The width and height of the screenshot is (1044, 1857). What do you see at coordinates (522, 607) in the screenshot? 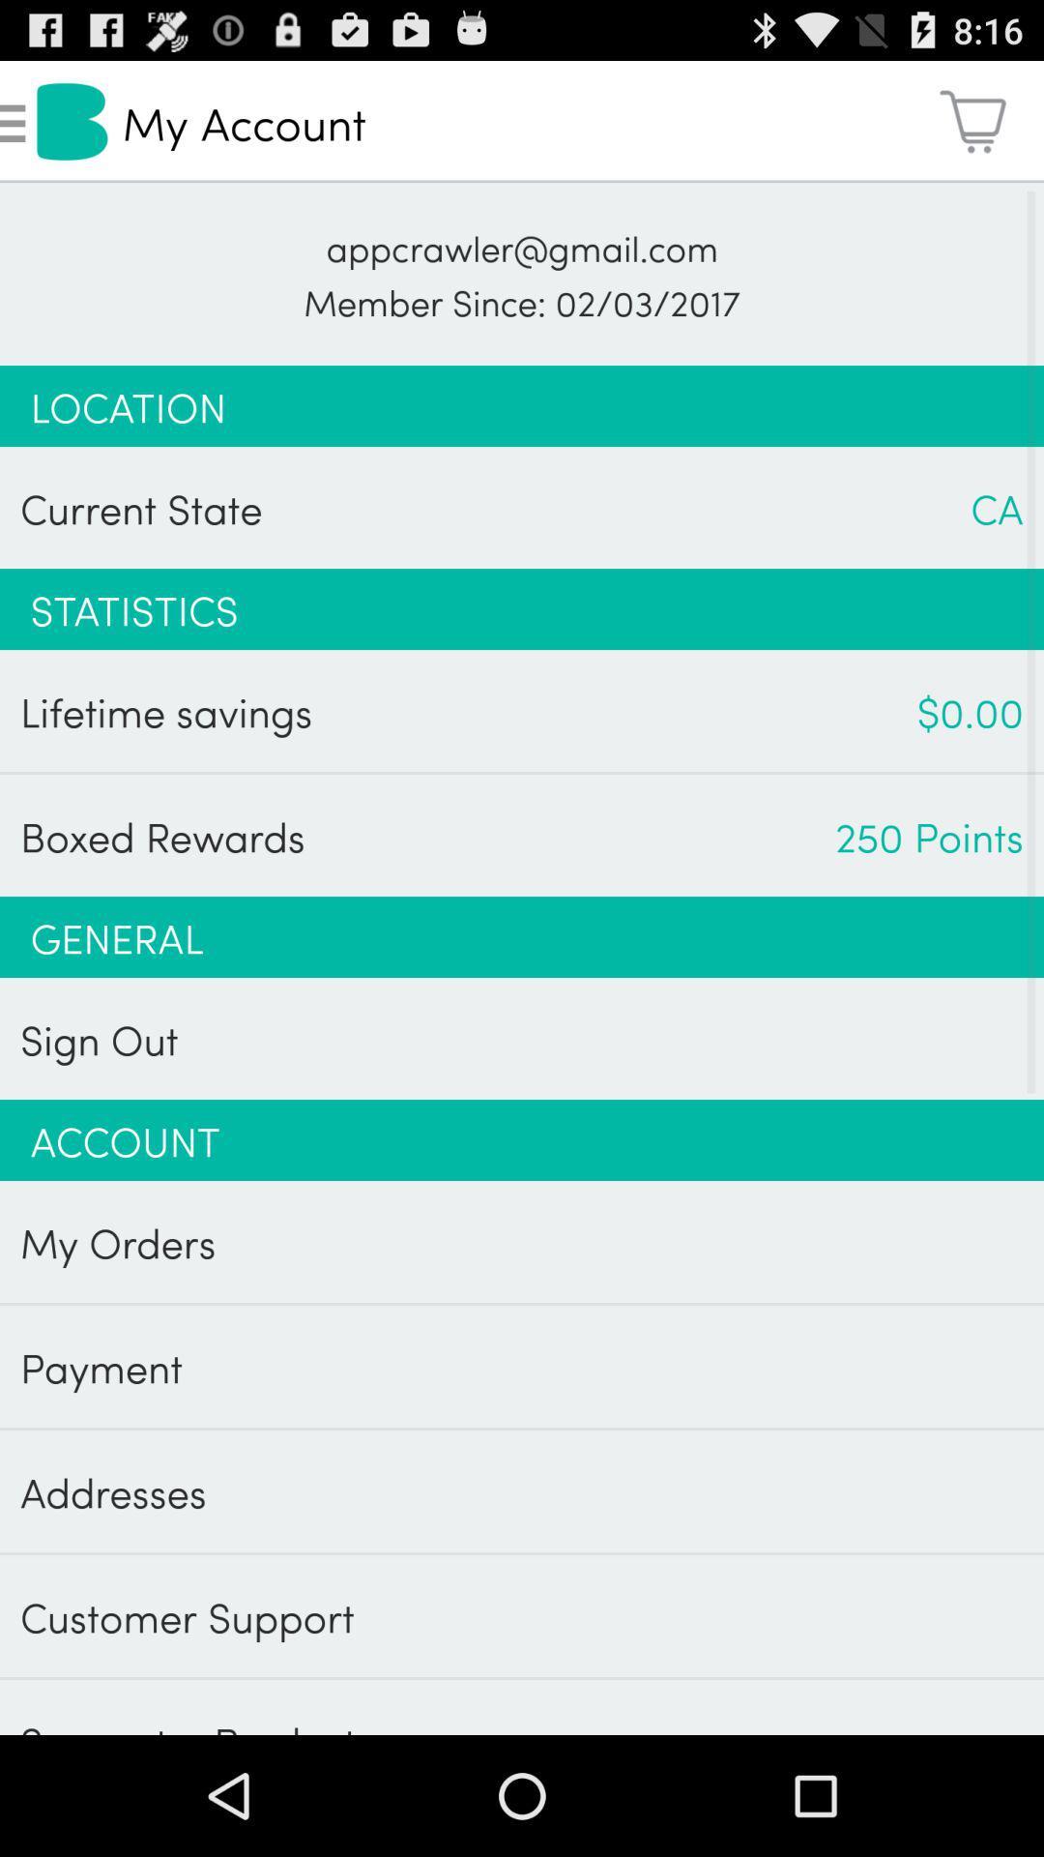
I see `the app above lifetime savings` at bounding box center [522, 607].